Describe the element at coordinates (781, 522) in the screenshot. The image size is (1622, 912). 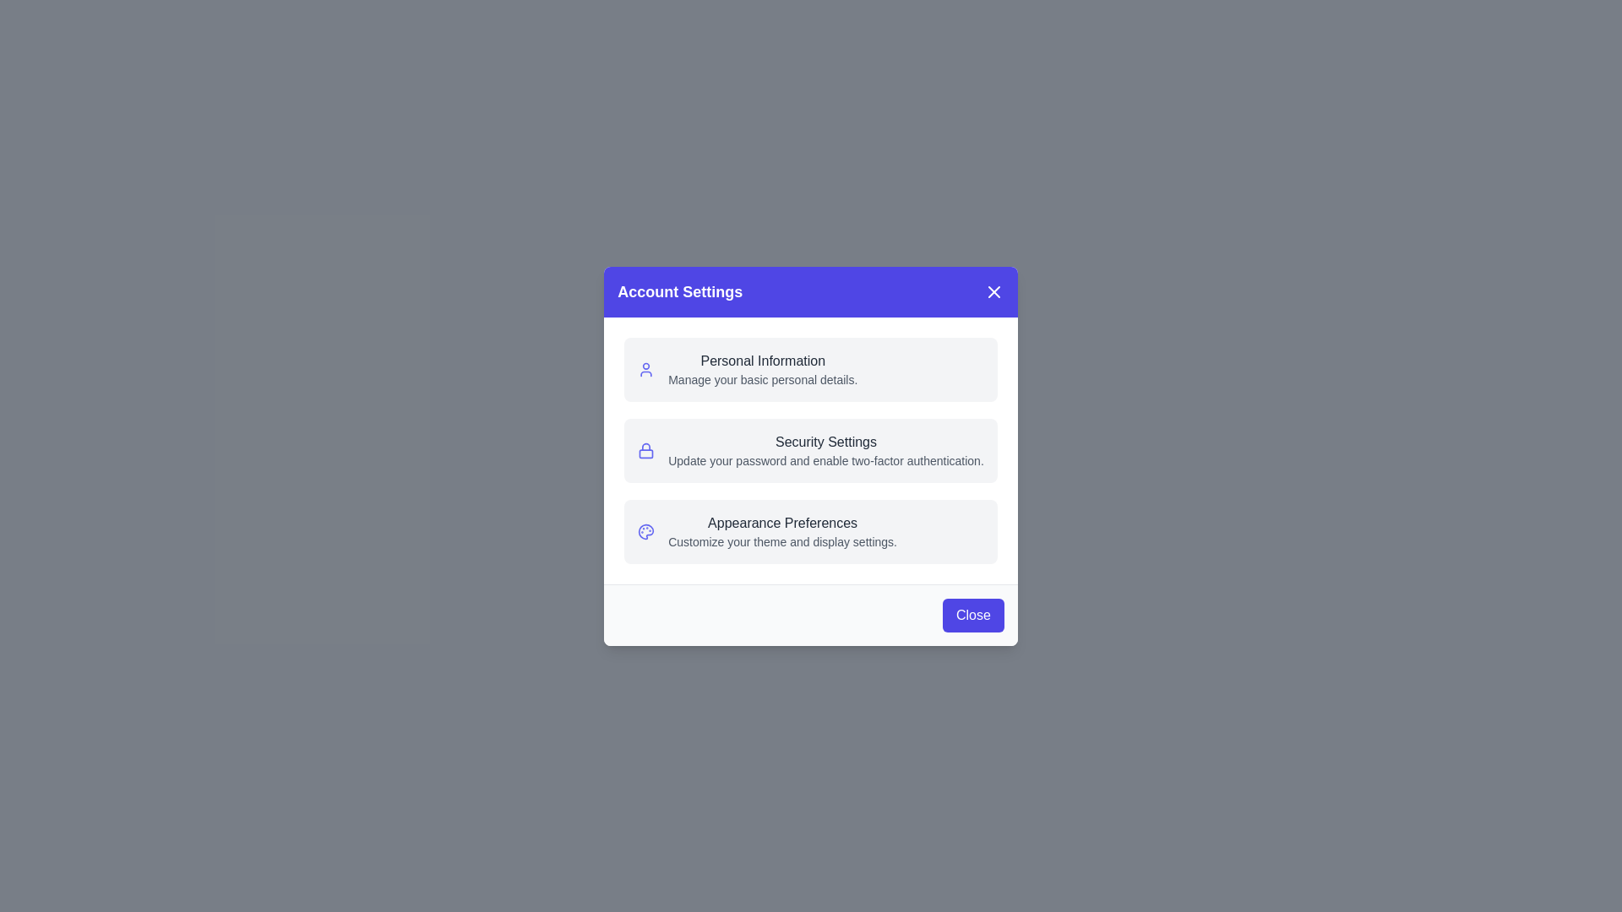
I see `the static text label serving as the header for appearance preferences in the 'Account Settings' dialog box, positioned above the text 'Customize your theme and display settings.'` at that location.